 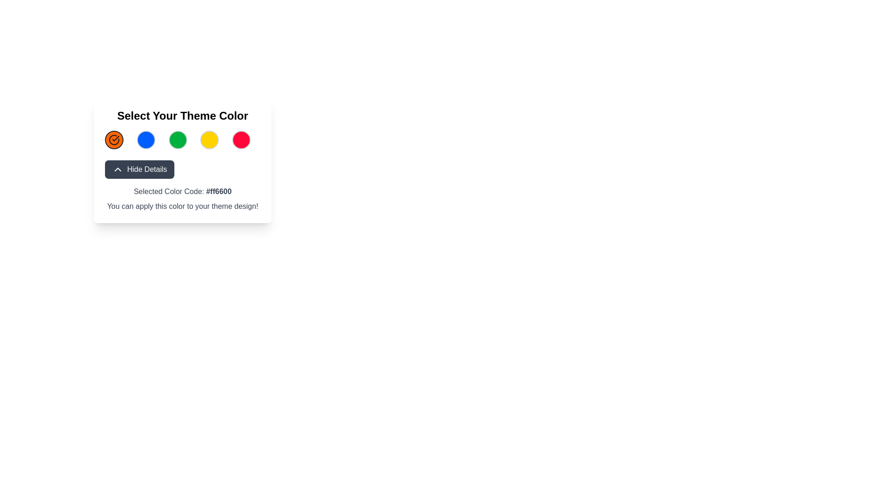 I want to click on the fifth selectable icon in the color palette, so click(x=241, y=140).